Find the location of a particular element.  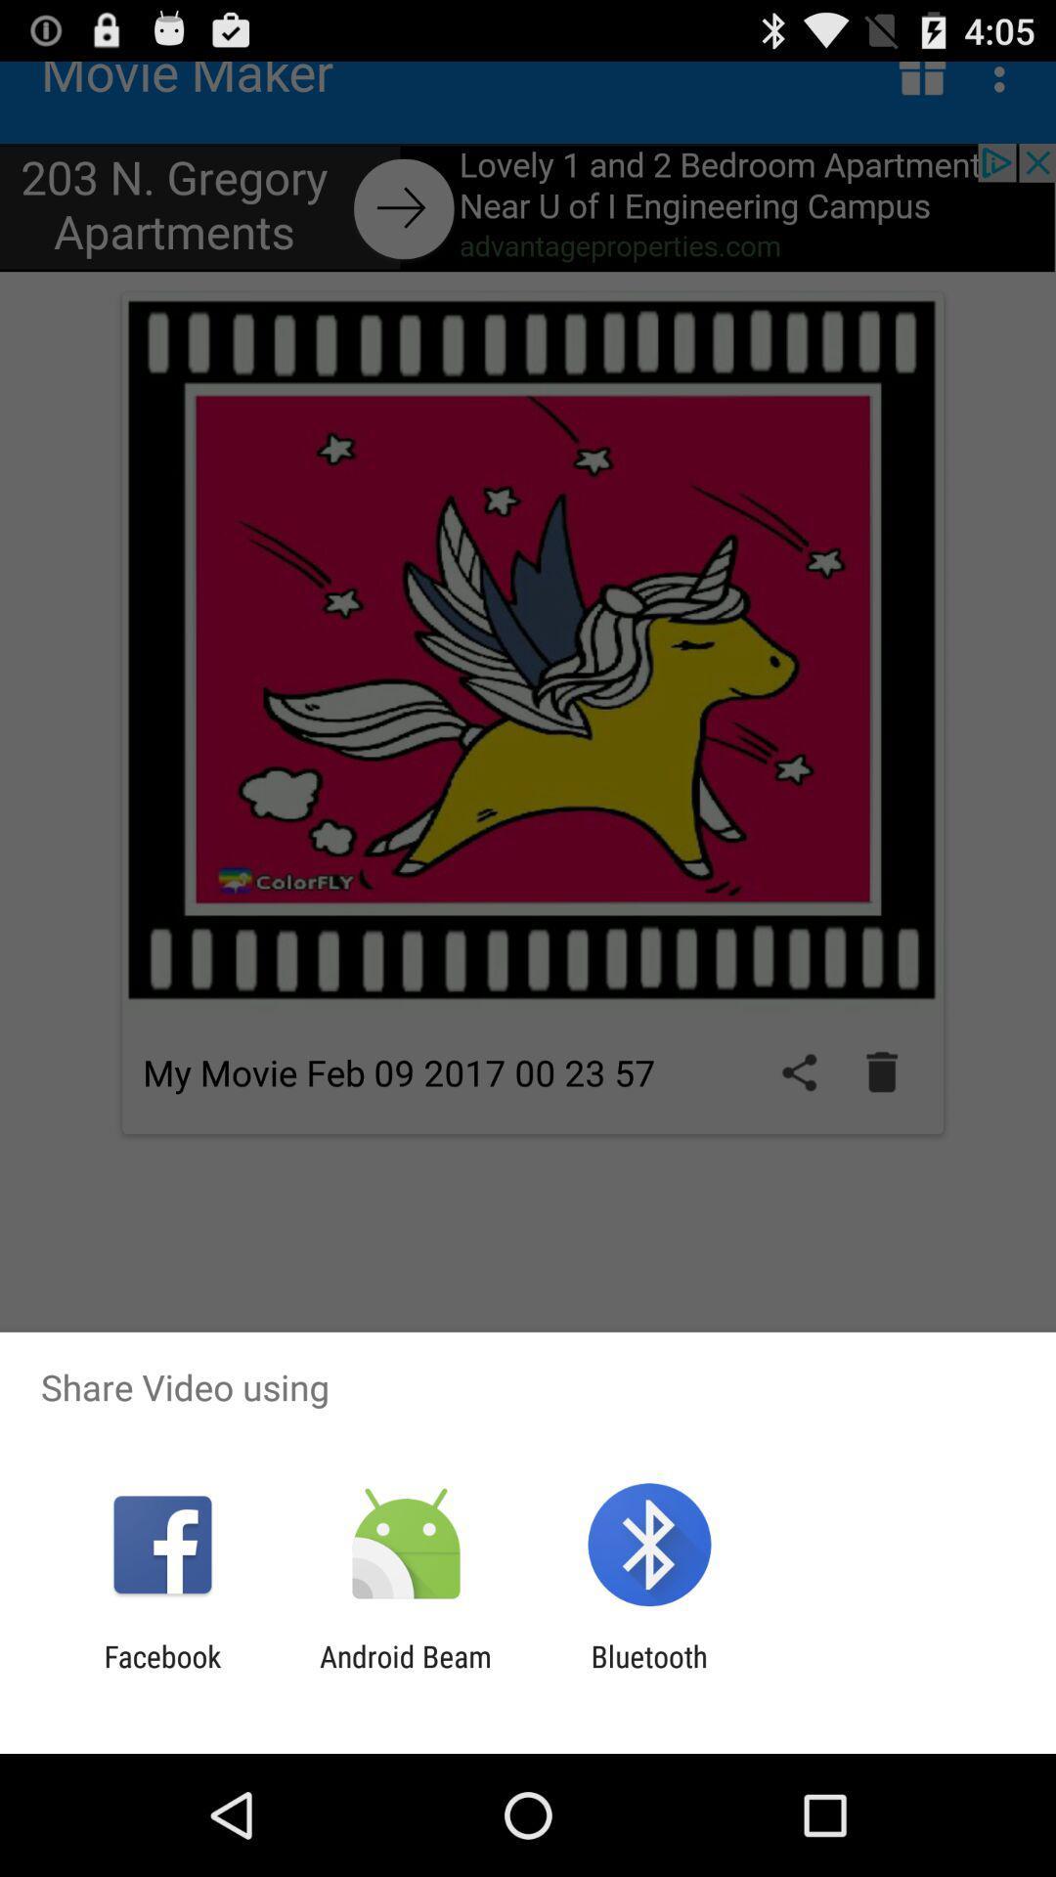

facebook app is located at coordinates (161, 1673).